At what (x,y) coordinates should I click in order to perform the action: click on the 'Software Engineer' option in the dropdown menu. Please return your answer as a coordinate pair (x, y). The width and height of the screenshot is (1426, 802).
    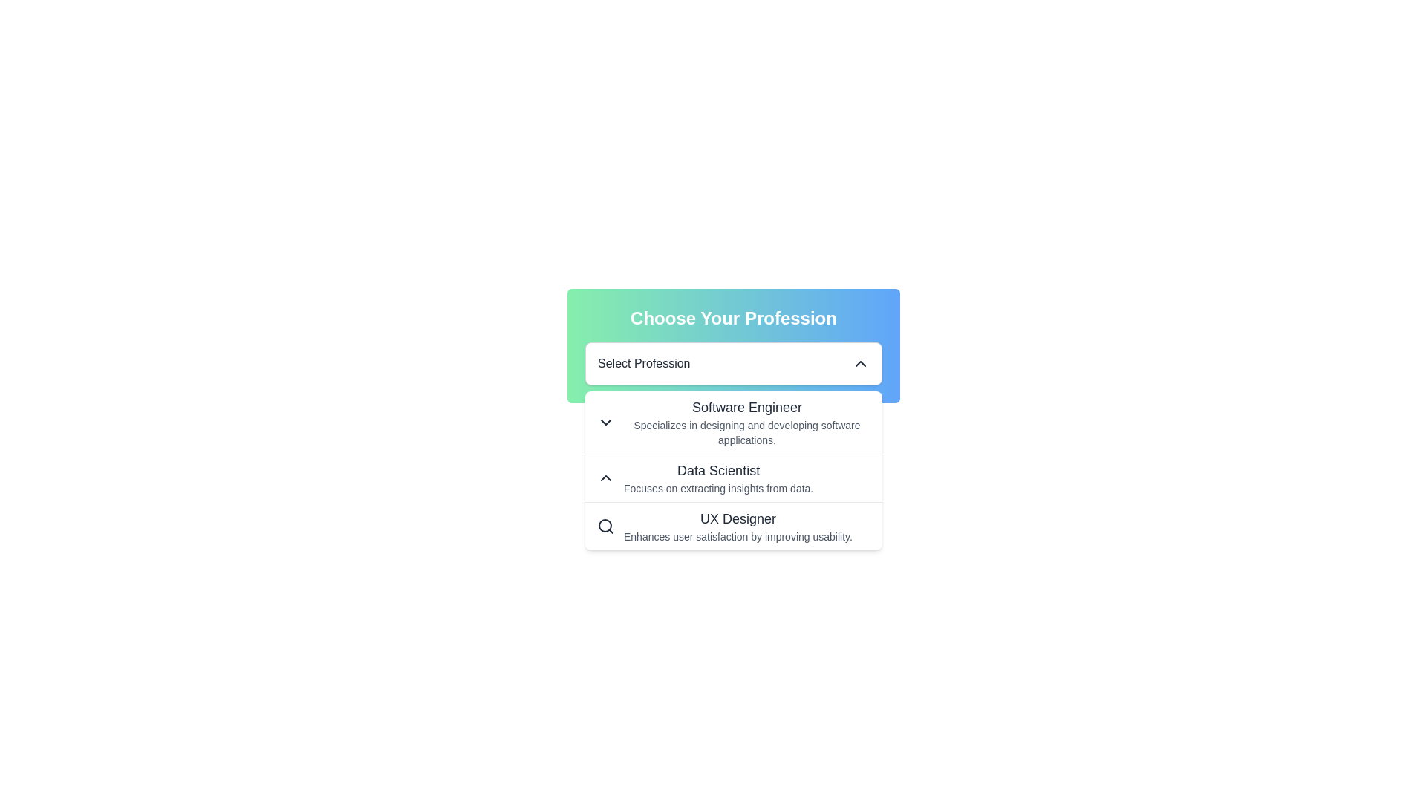
    Looking at the image, I should click on (734, 423).